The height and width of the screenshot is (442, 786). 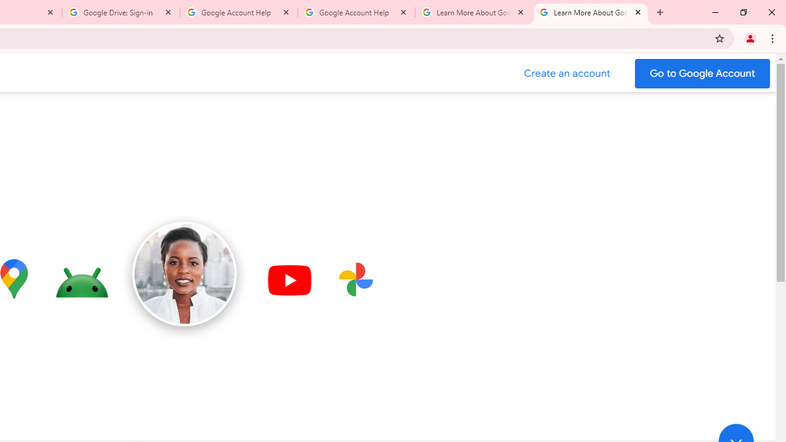 I want to click on 'Google Account Help', so click(x=239, y=12).